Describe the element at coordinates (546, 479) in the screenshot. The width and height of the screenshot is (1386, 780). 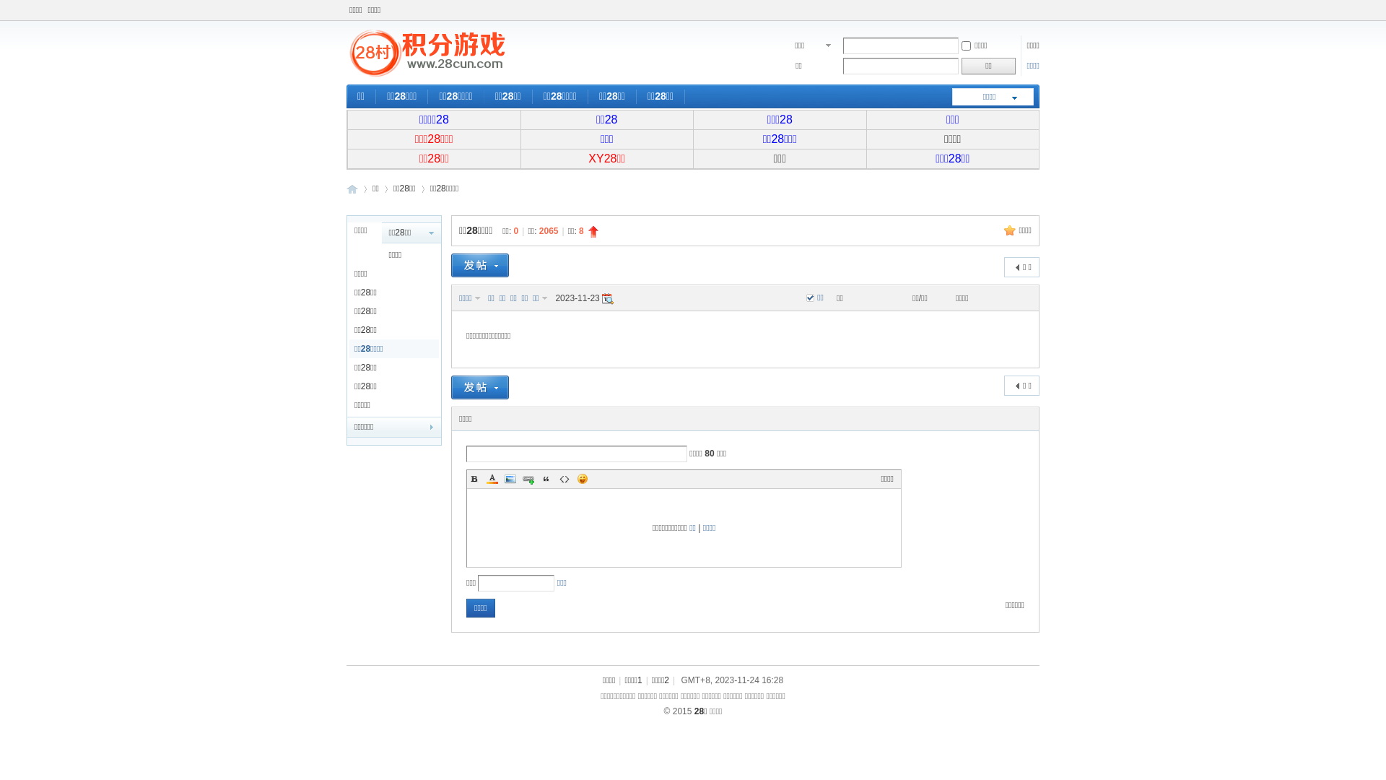
I see `'Quote'` at that location.